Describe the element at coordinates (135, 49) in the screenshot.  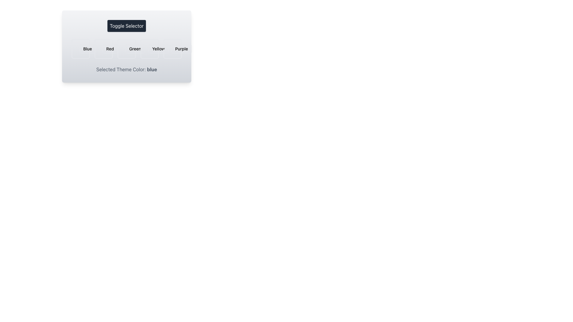
I see `the 'Green' theme toggle button located centrally between the 'Red' and 'Yellow' buttons in the color selector interface` at that location.